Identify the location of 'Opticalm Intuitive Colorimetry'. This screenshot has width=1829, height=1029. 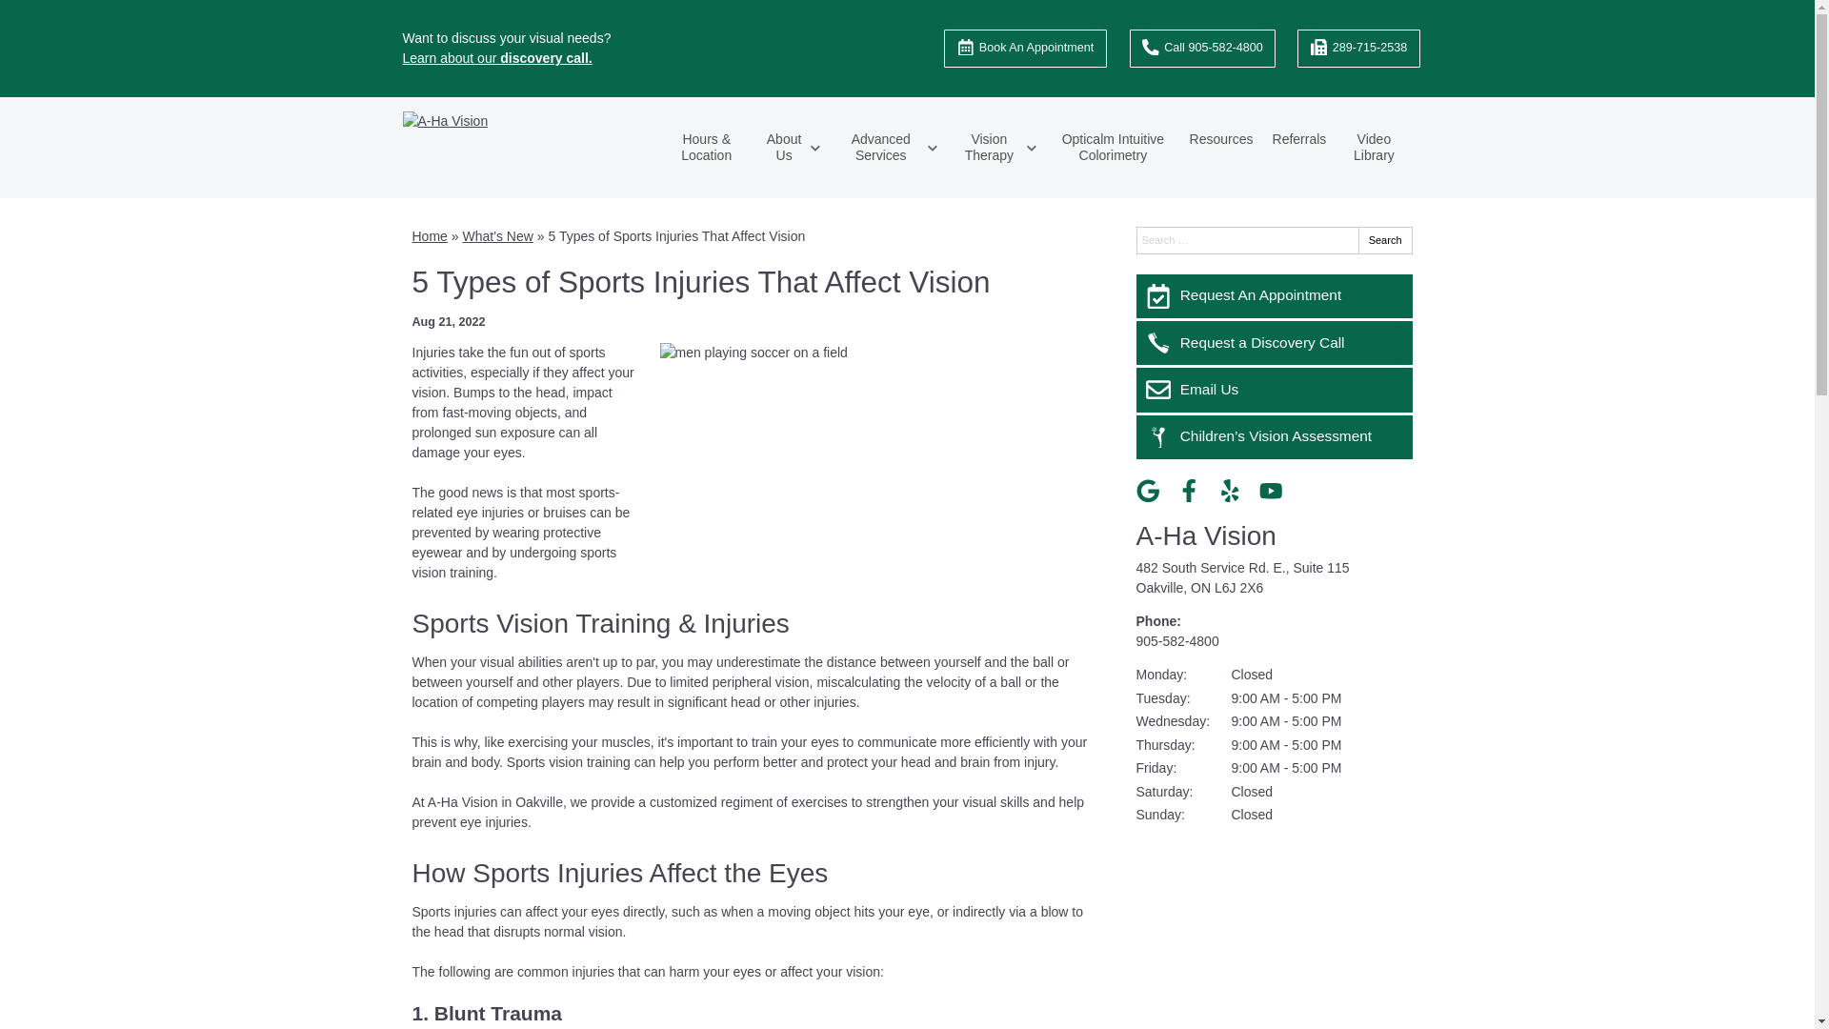
(1112, 146).